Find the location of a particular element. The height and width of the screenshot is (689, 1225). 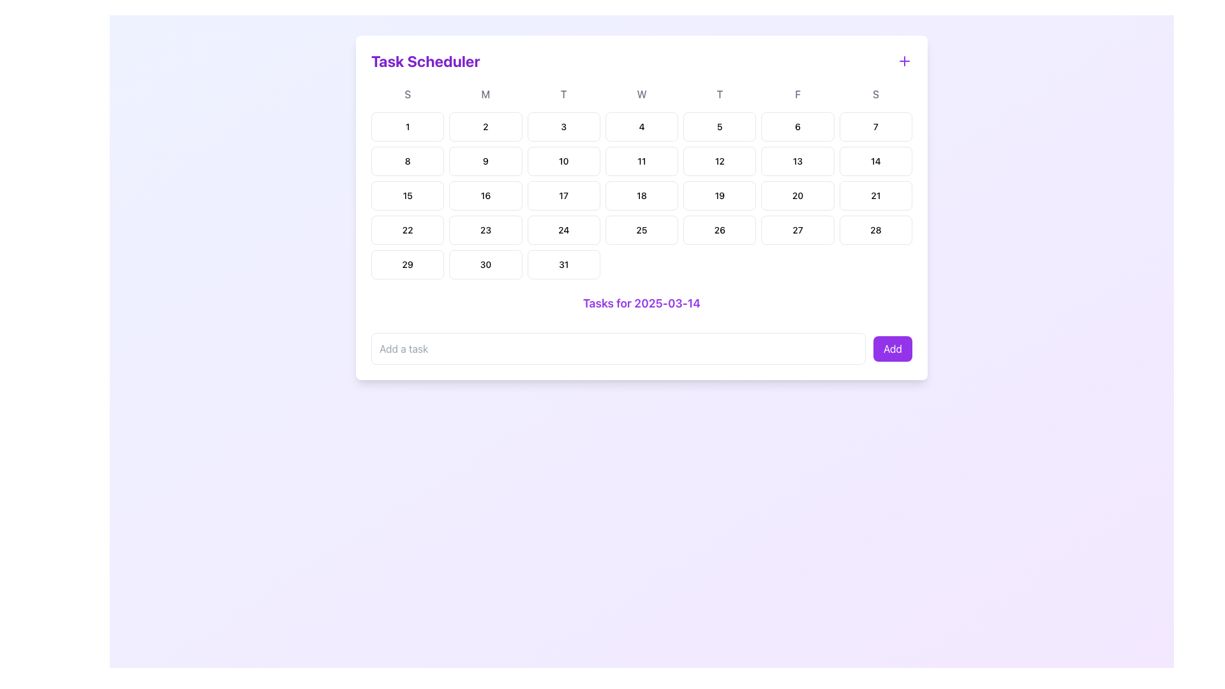

the selectable date button for the 20th in the calendar interface is located at coordinates (797, 196).